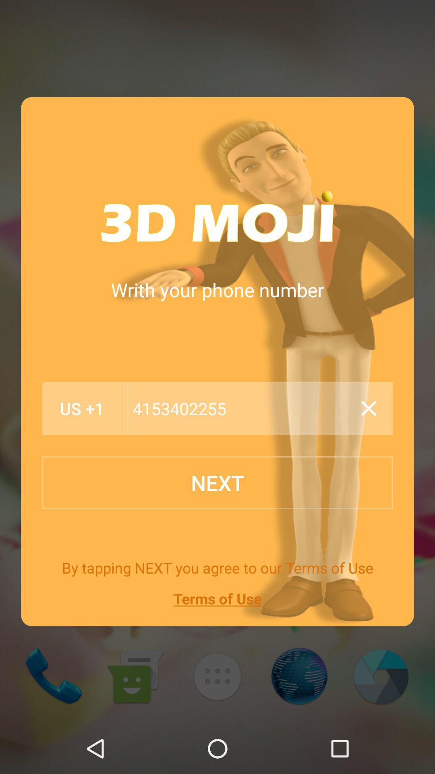  I want to click on icon next to the 4153402255, so click(369, 408).